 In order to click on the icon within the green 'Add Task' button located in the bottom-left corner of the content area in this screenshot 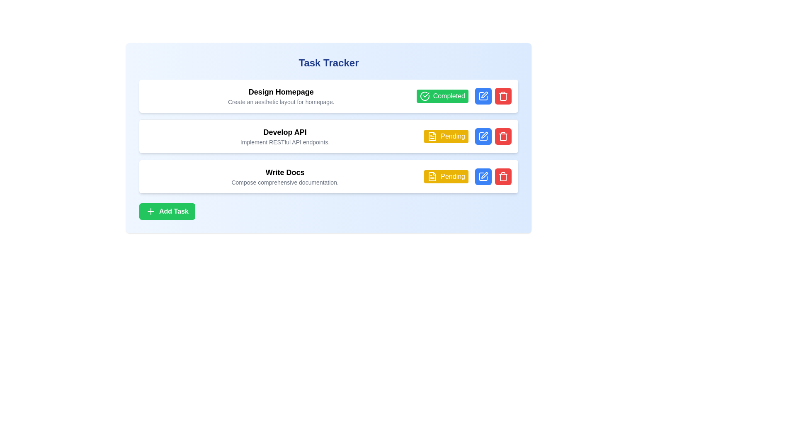, I will do `click(151, 211)`.